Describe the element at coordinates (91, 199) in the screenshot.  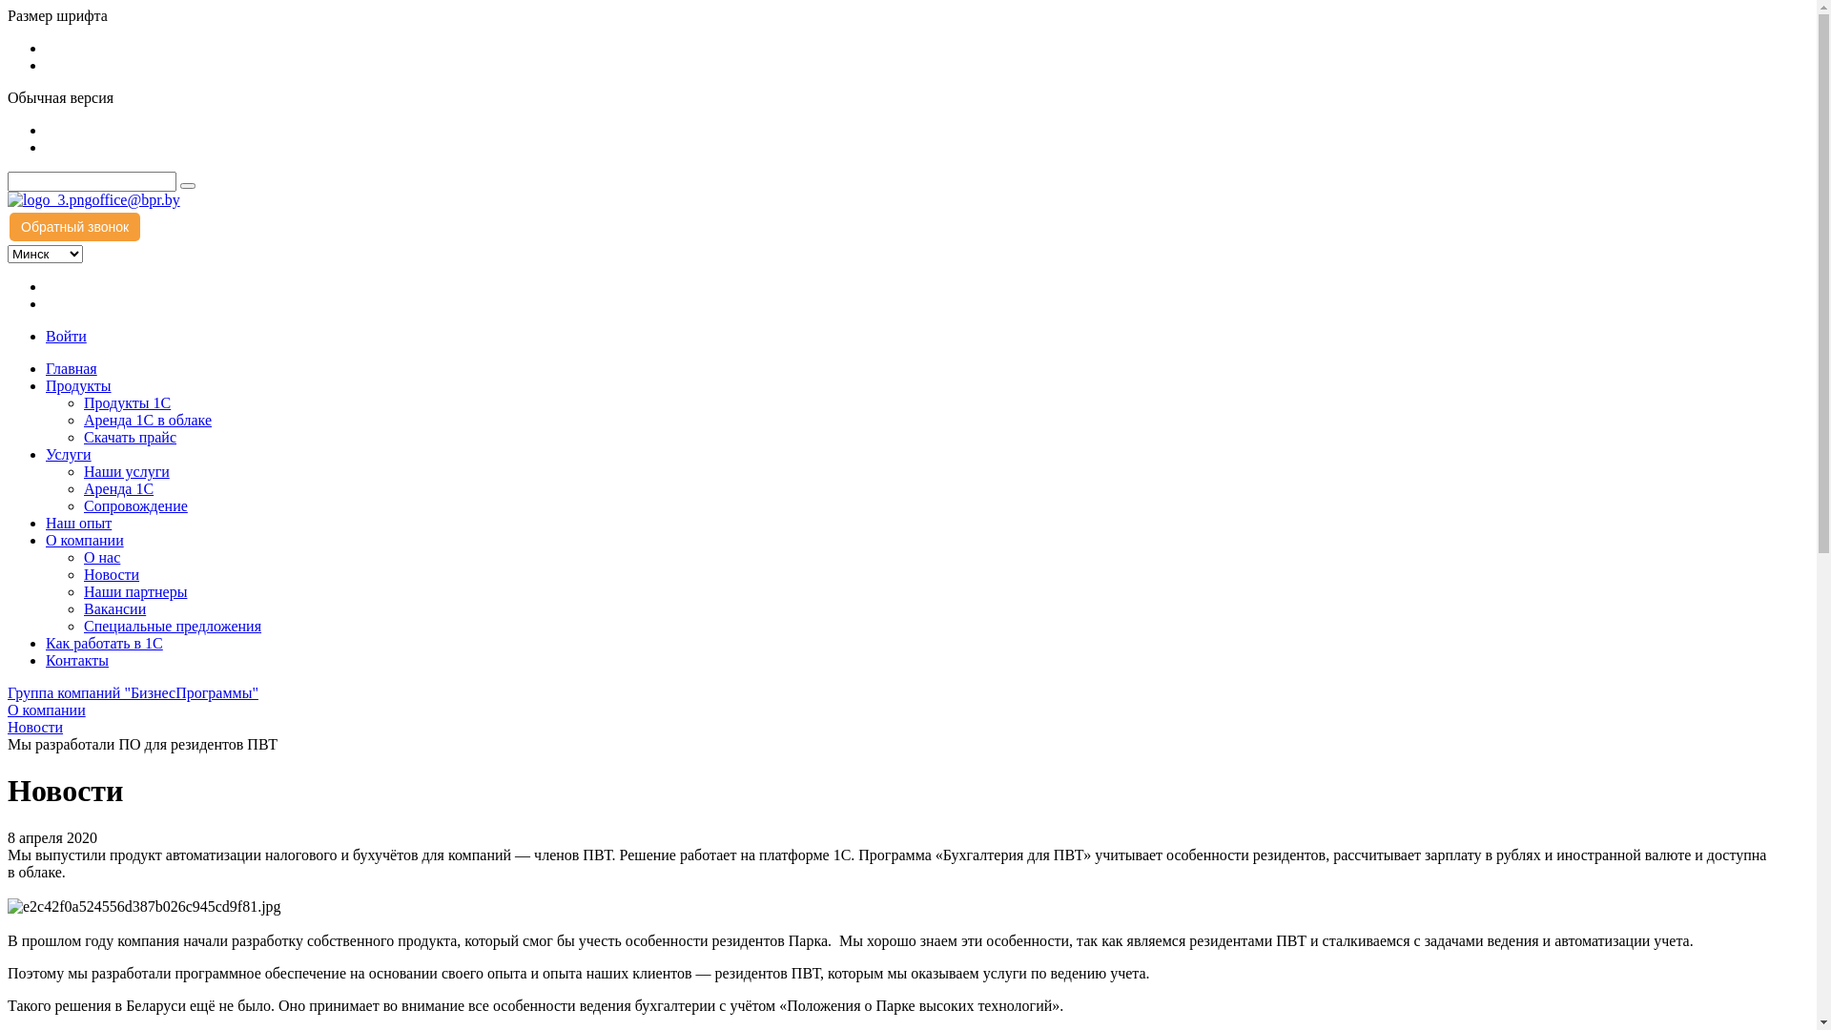
I see `'office@bpr.by'` at that location.